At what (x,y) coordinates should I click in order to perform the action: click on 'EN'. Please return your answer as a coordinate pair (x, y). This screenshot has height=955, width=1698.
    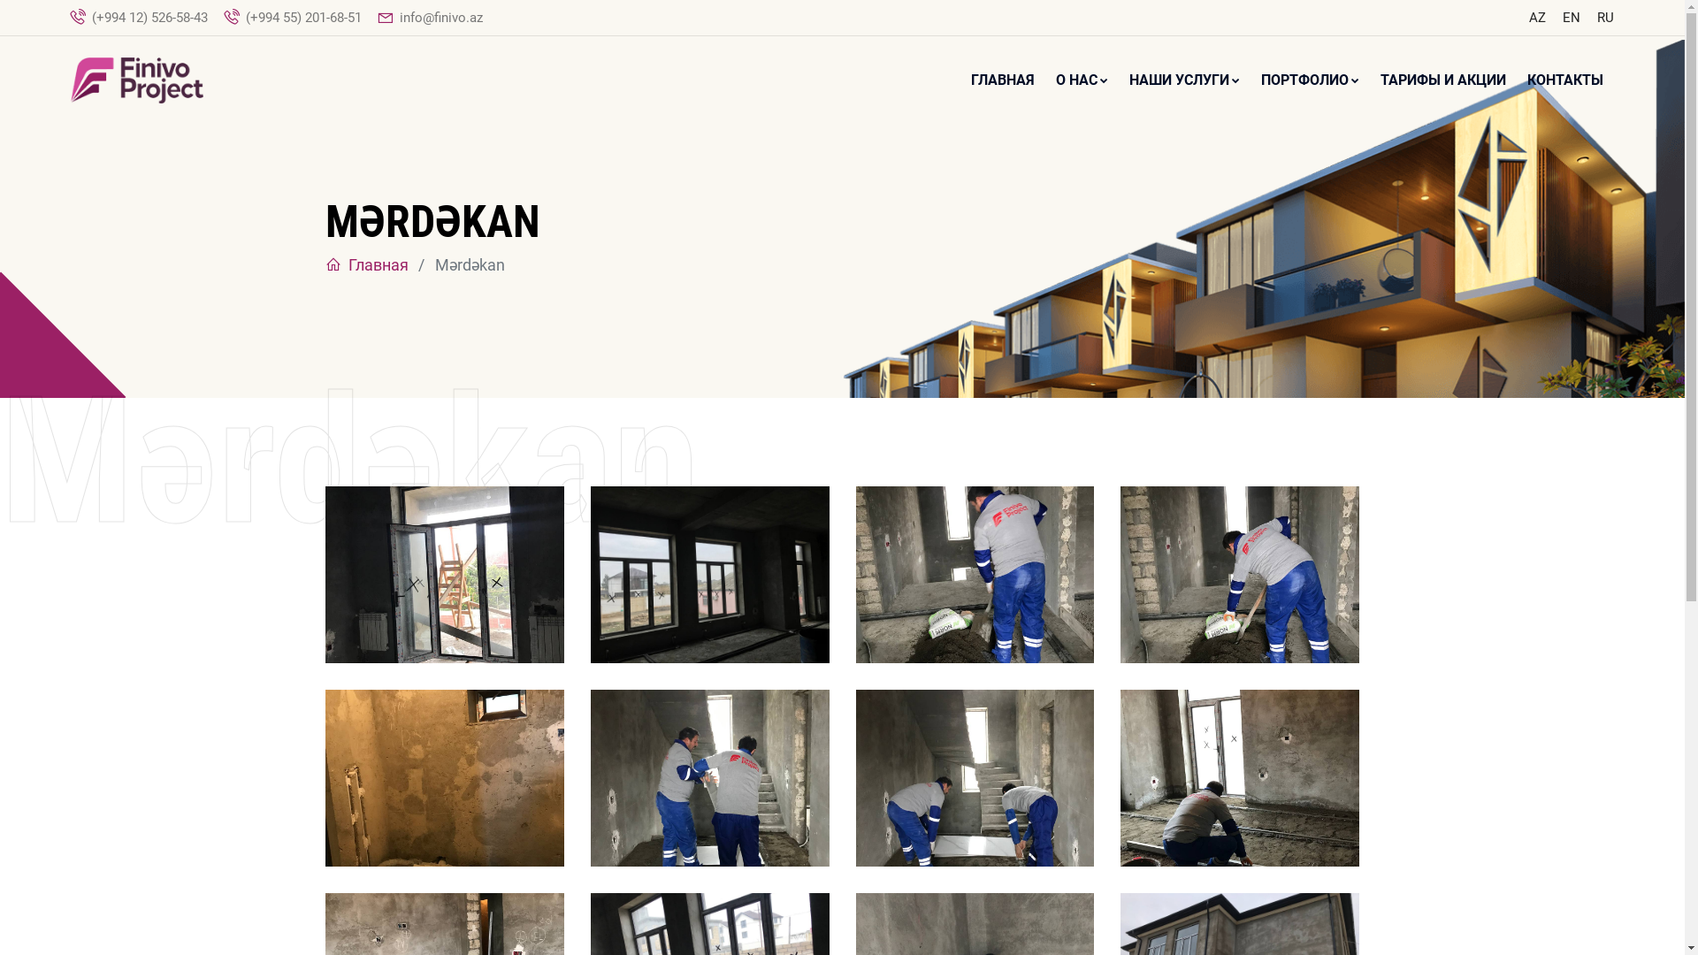
    Looking at the image, I should click on (1571, 17).